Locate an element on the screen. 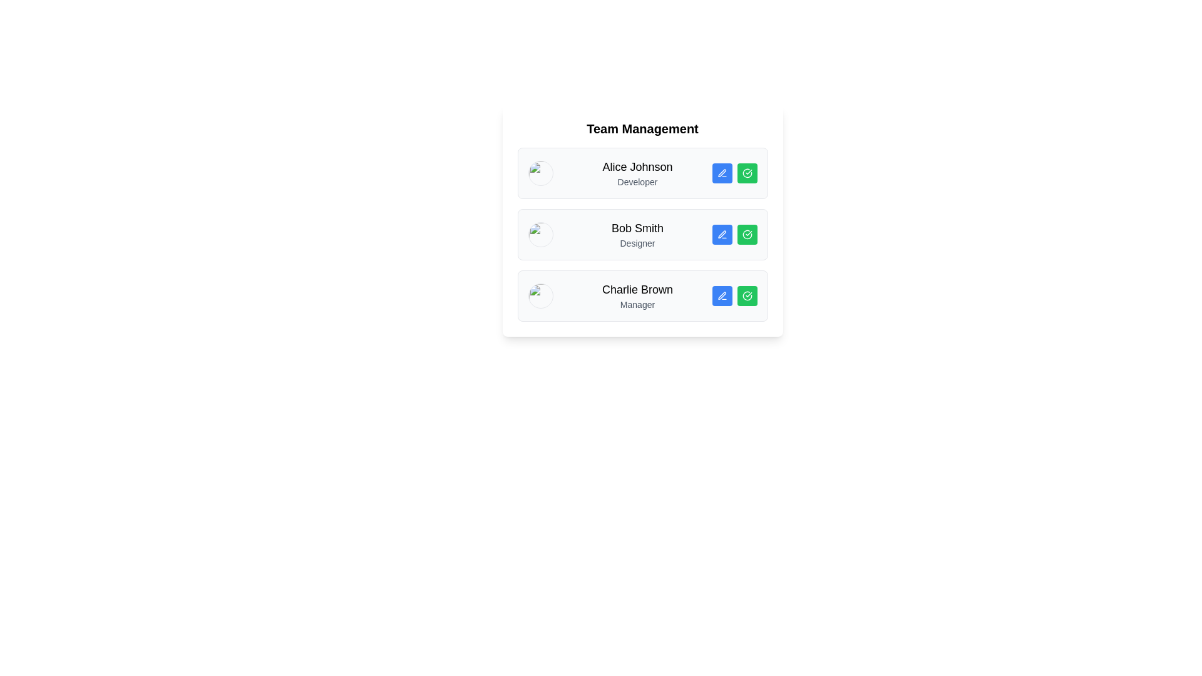 Image resolution: width=1202 pixels, height=676 pixels. the circular outline and partial arc segment of the SVG graphical element contained within the rightmost green button in the topmost row of the list under 'Alice Johnson' in the 'Team Management' section is located at coordinates (747, 173).